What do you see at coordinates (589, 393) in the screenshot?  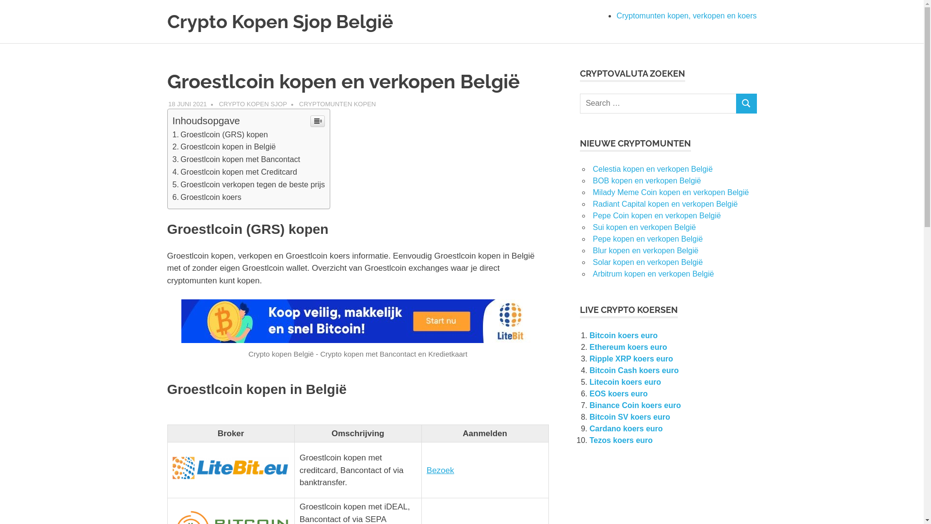 I see `'EOS koers euro'` at bounding box center [589, 393].